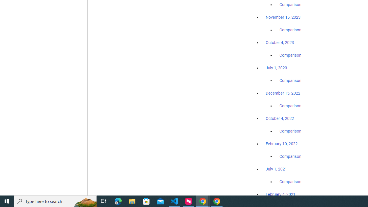  Describe the element at coordinates (280, 118) in the screenshot. I see `'October 4, 2022'` at that location.